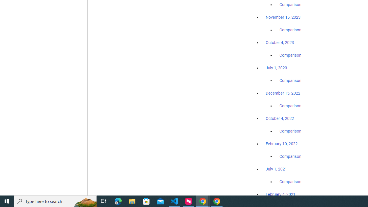  Describe the element at coordinates (280, 118) in the screenshot. I see `'October 4, 2022'` at that location.